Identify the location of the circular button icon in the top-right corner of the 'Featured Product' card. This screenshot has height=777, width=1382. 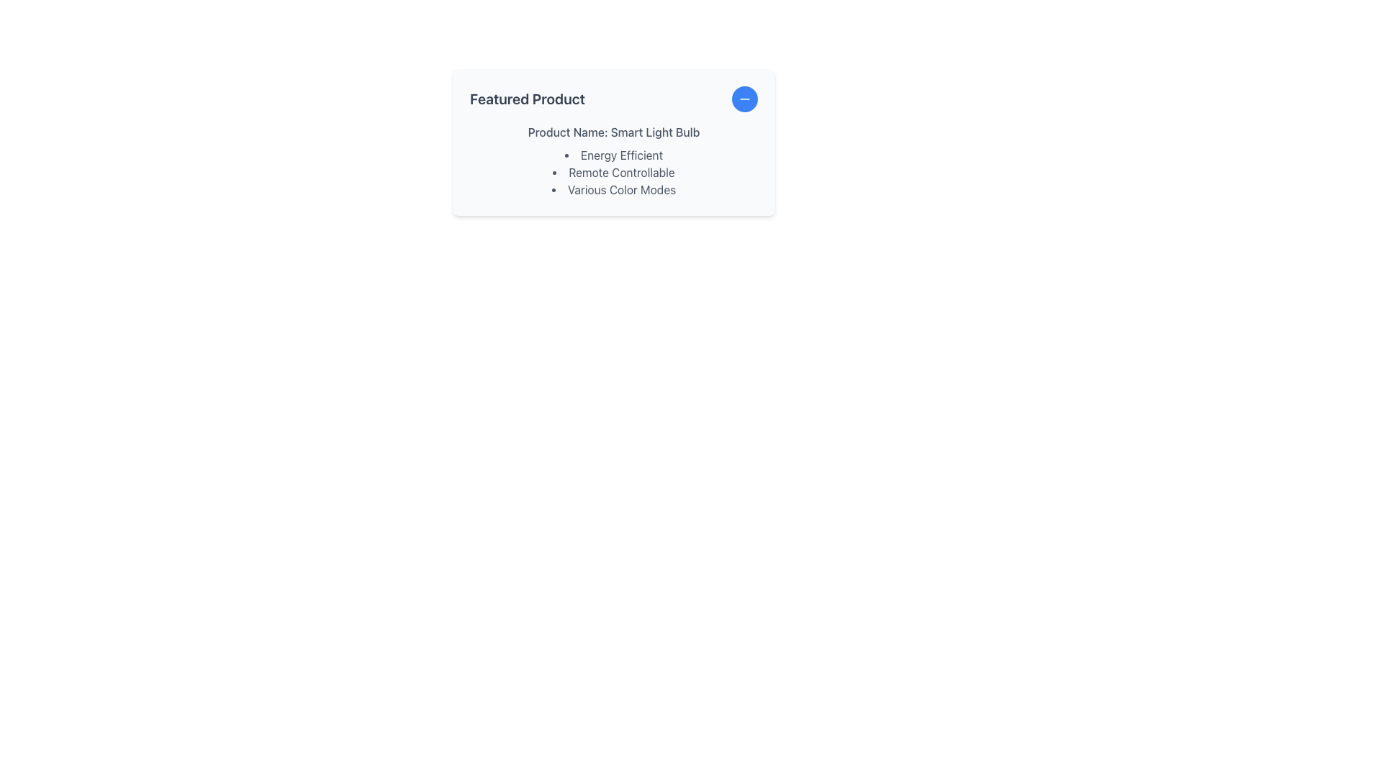
(745, 99).